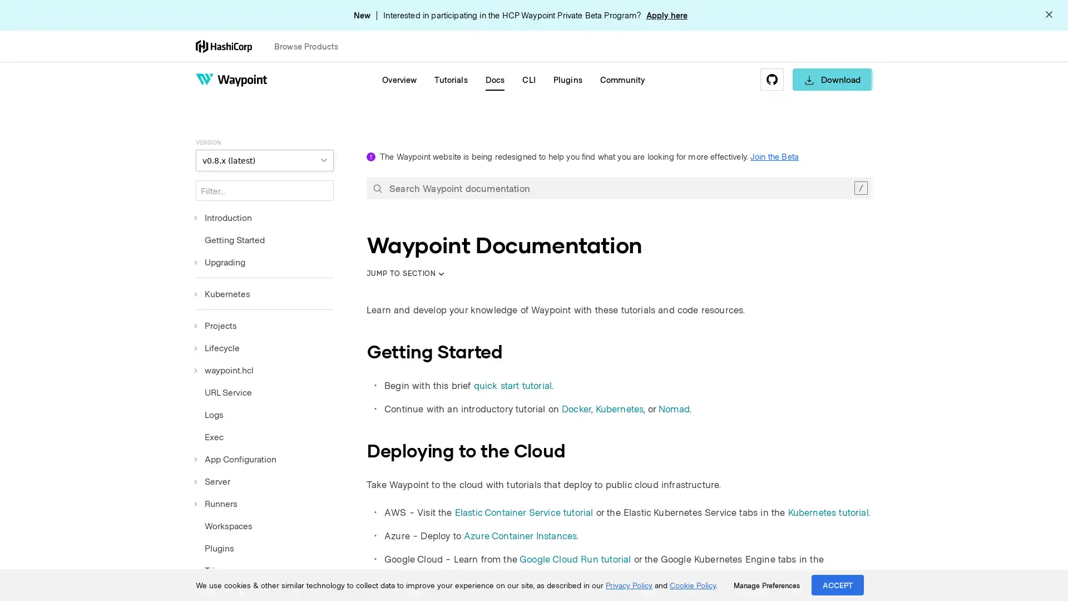 The image size is (1068, 601). What do you see at coordinates (766, 585) in the screenshot?
I see `Manage Preferences` at bounding box center [766, 585].